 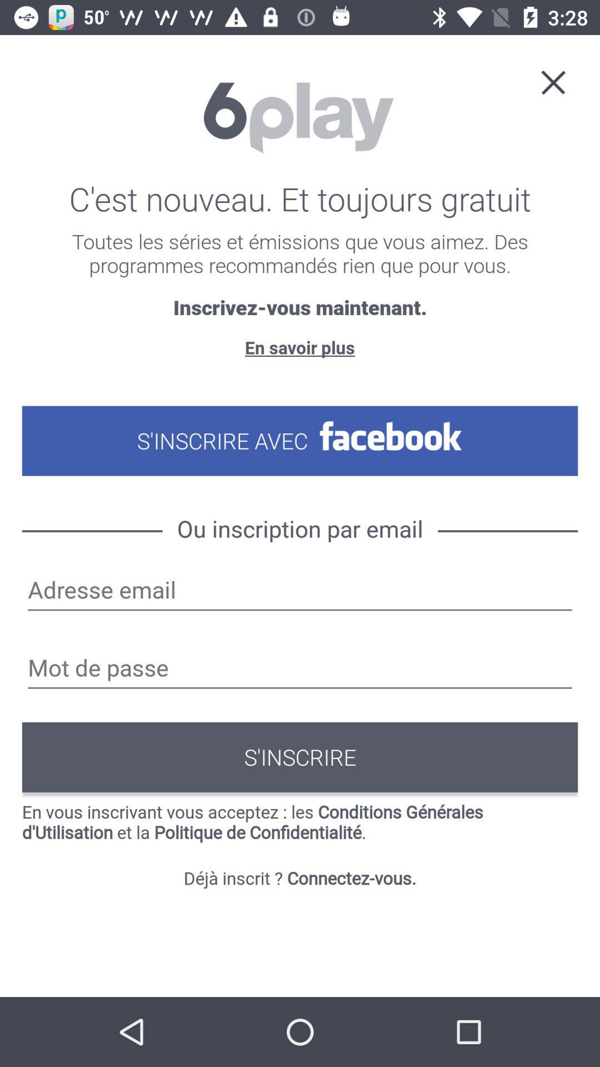 What do you see at coordinates (553, 81) in the screenshot?
I see `the item at the top right corner` at bounding box center [553, 81].